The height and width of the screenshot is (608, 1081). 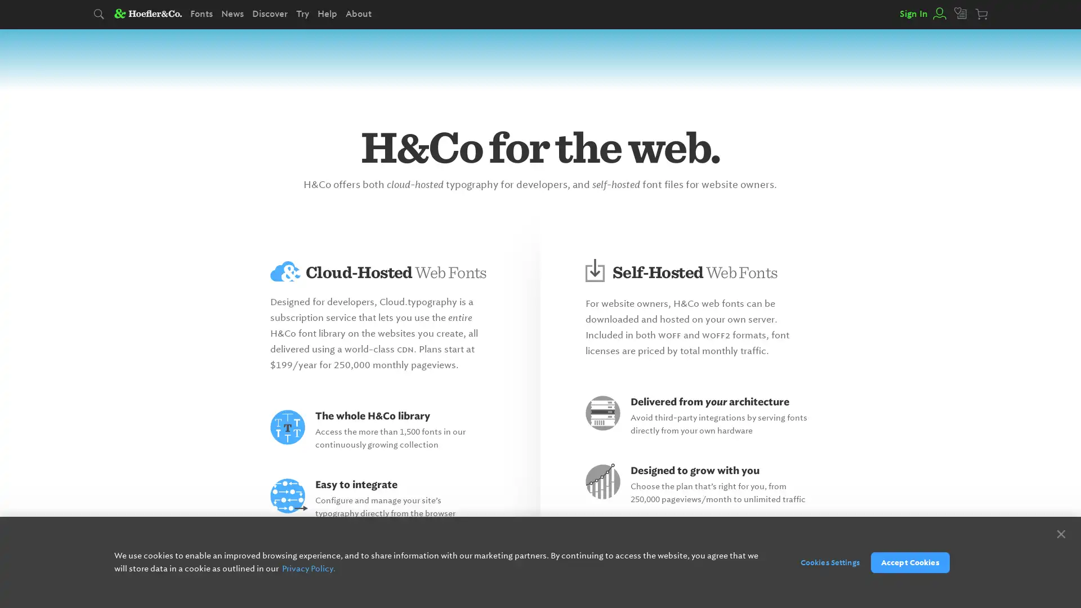 What do you see at coordinates (910, 562) in the screenshot?
I see `Accept Cookies` at bounding box center [910, 562].